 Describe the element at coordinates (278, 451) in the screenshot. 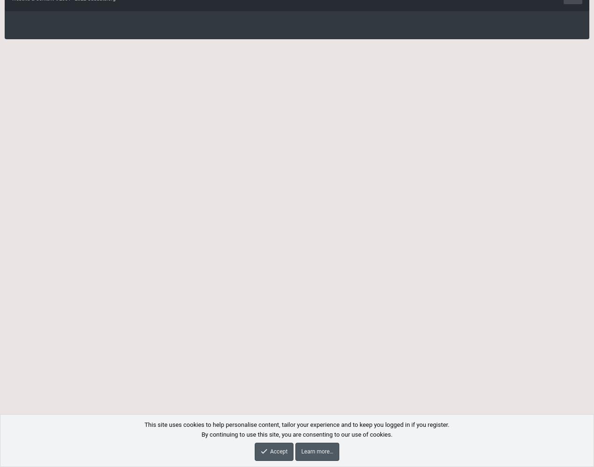

I see `'Accept'` at that location.